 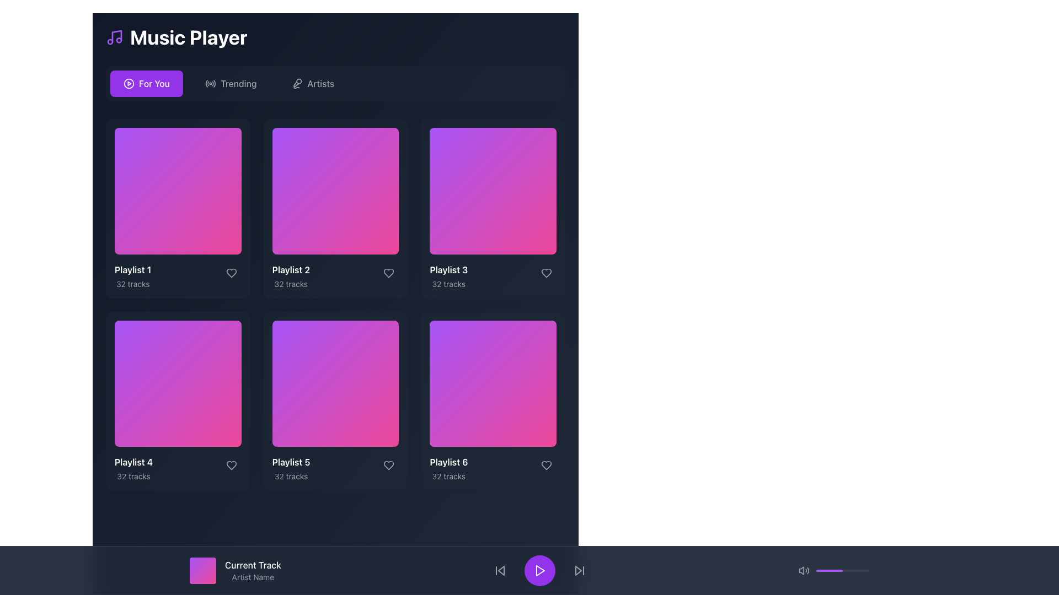 I want to click on the radio wave icon located in the top navigation bar, which is positioned in front of the word 'Trending', so click(x=211, y=83).